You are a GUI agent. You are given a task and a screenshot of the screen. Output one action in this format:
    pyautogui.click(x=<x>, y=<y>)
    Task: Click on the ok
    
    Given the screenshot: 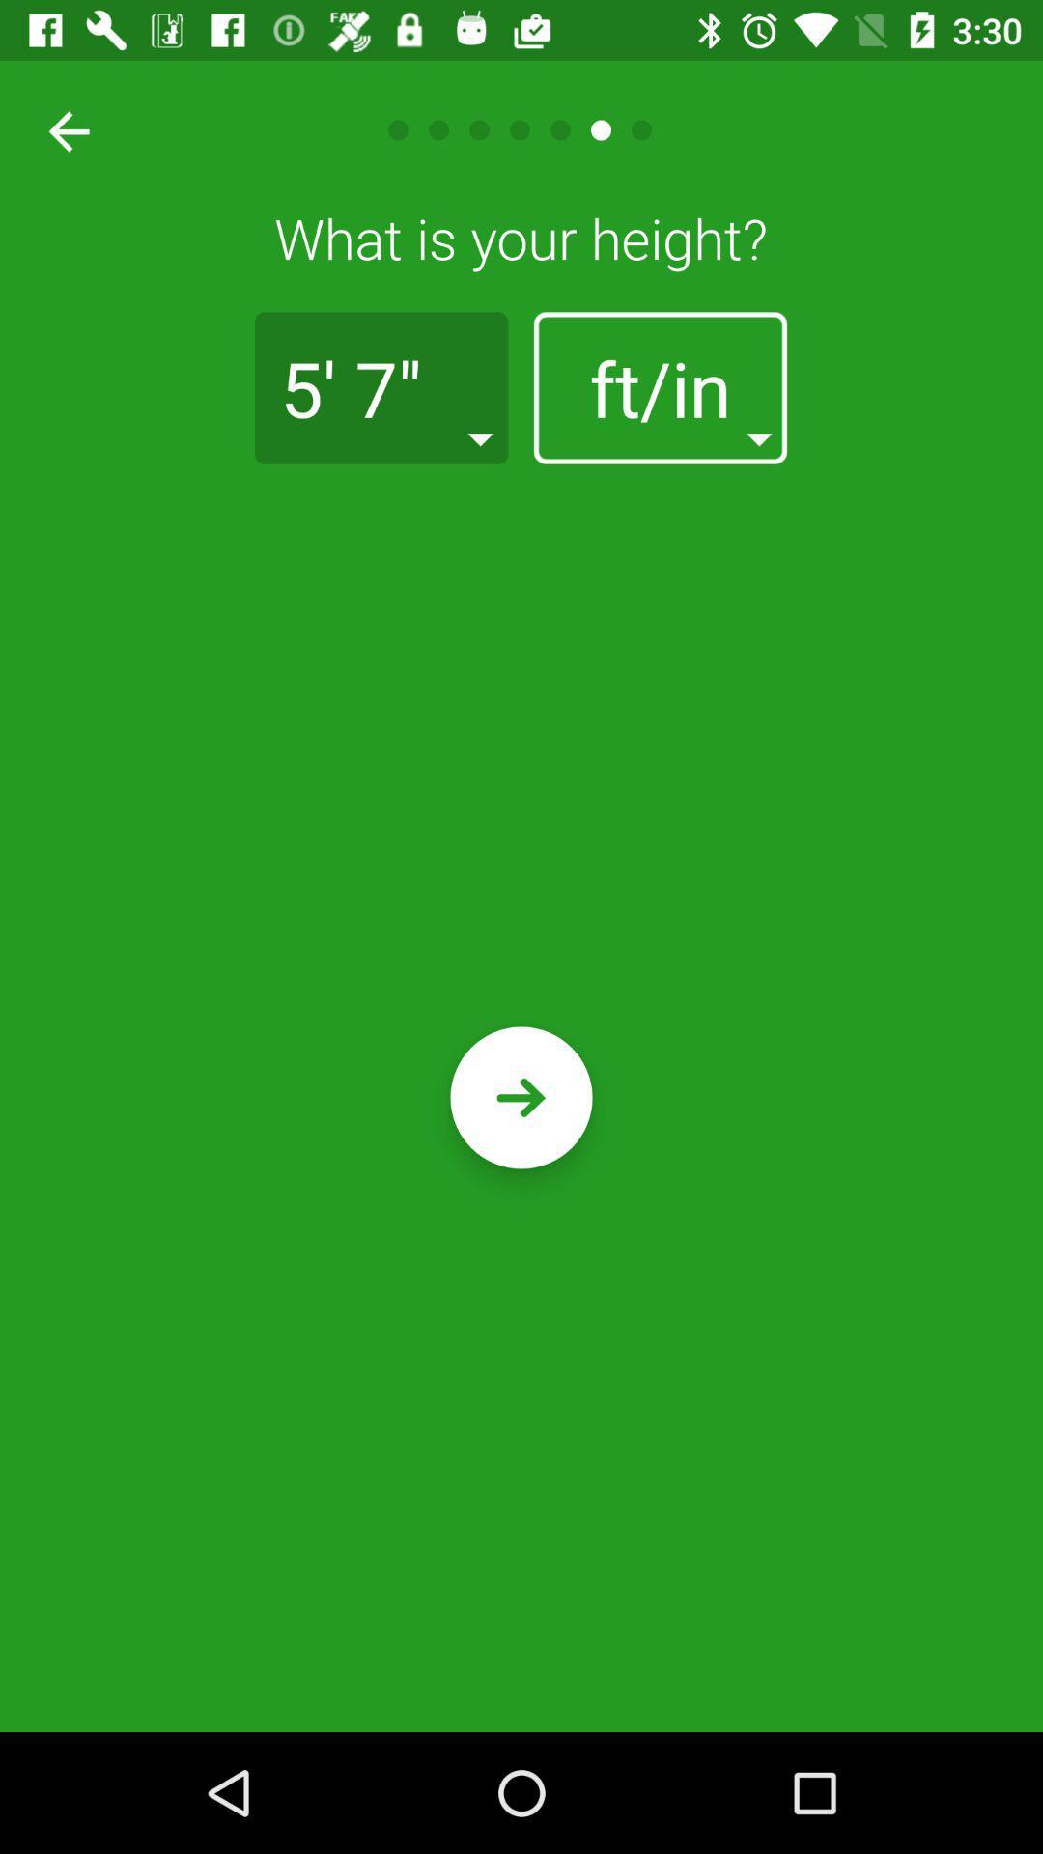 What is the action you would take?
    pyautogui.click(x=521, y=1098)
    